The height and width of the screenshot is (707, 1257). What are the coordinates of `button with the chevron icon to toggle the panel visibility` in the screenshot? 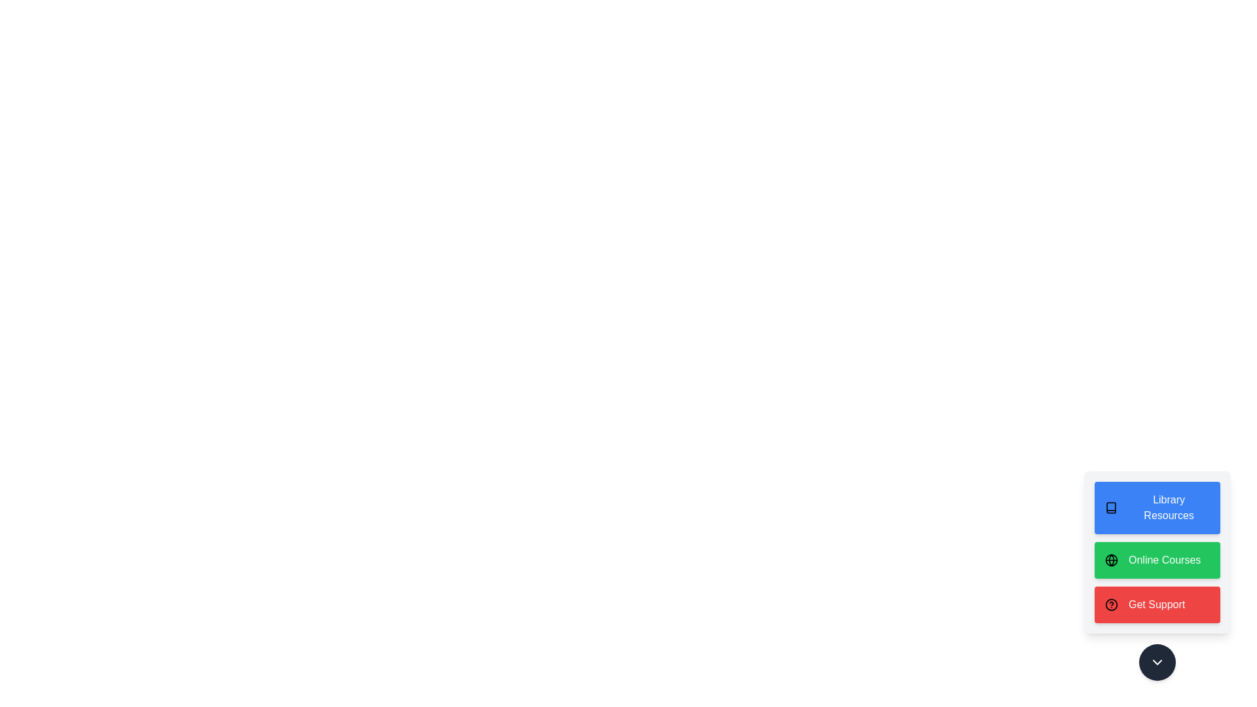 It's located at (1157, 662).